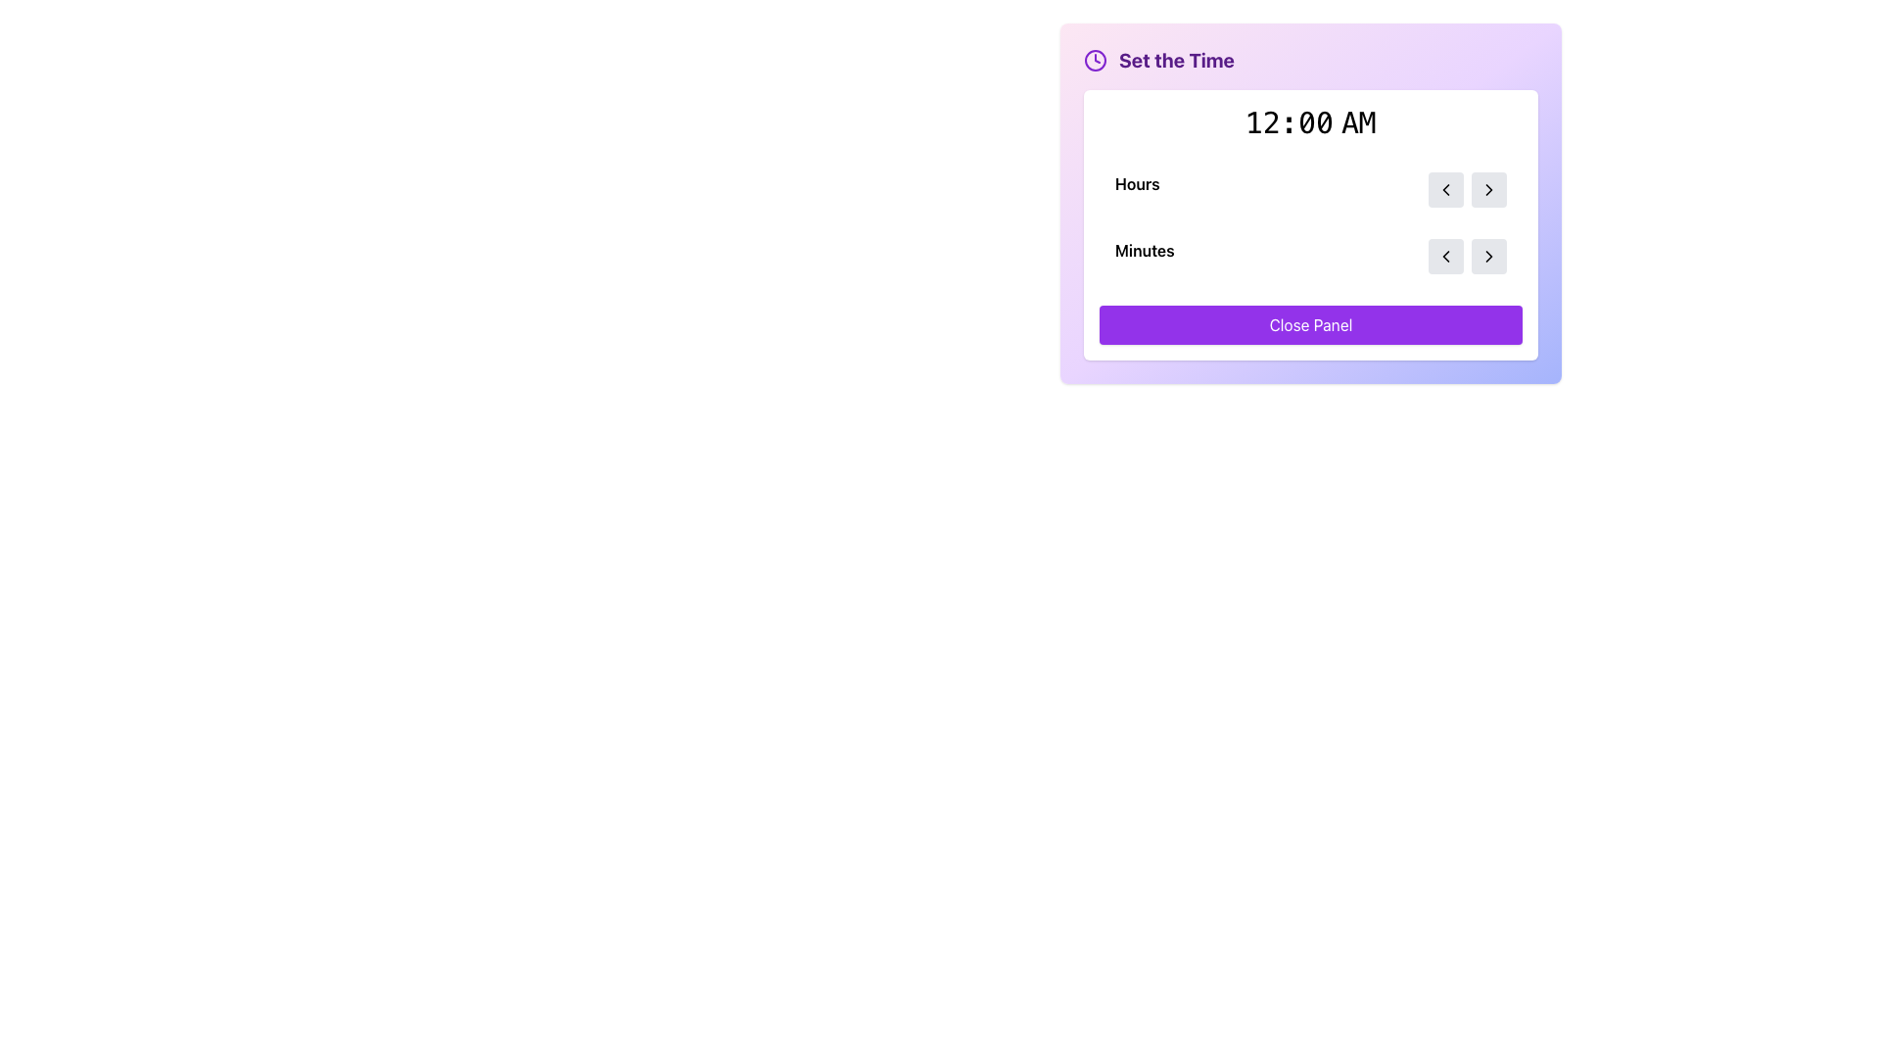  Describe the element at coordinates (1488, 256) in the screenshot. I see `the right-facing chevron-shaped button used to increment minutes on the digital clock interface` at that location.